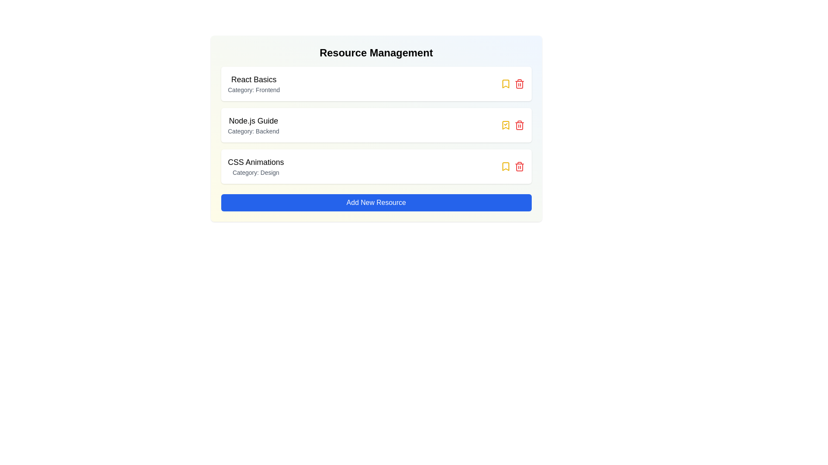 The height and width of the screenshot is (465, 828). What do you see at coordinates (505, 84) in the screenshot?
I see `the bookmark icon of the resource titled 'React Basics'` at bounding box center [505, 84].